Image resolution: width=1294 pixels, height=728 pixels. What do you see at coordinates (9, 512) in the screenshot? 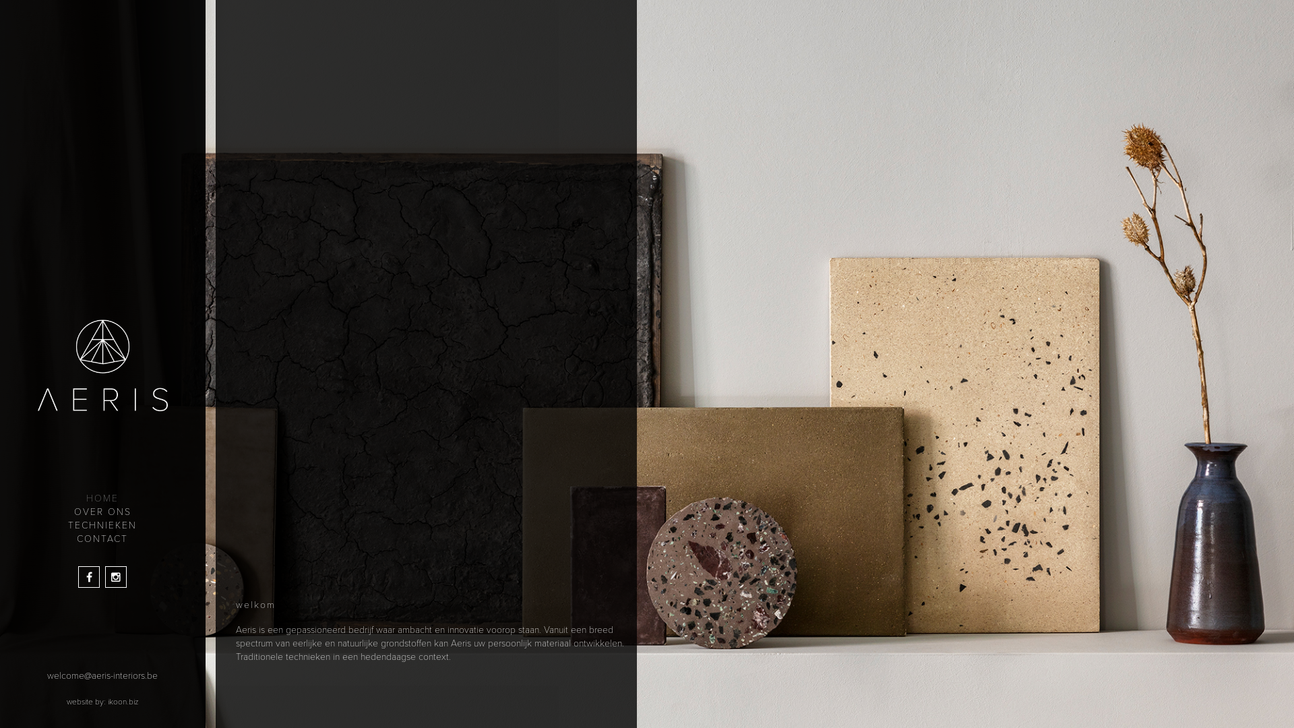
I see `'OVER ONS'` at bounding box center [9, 512].